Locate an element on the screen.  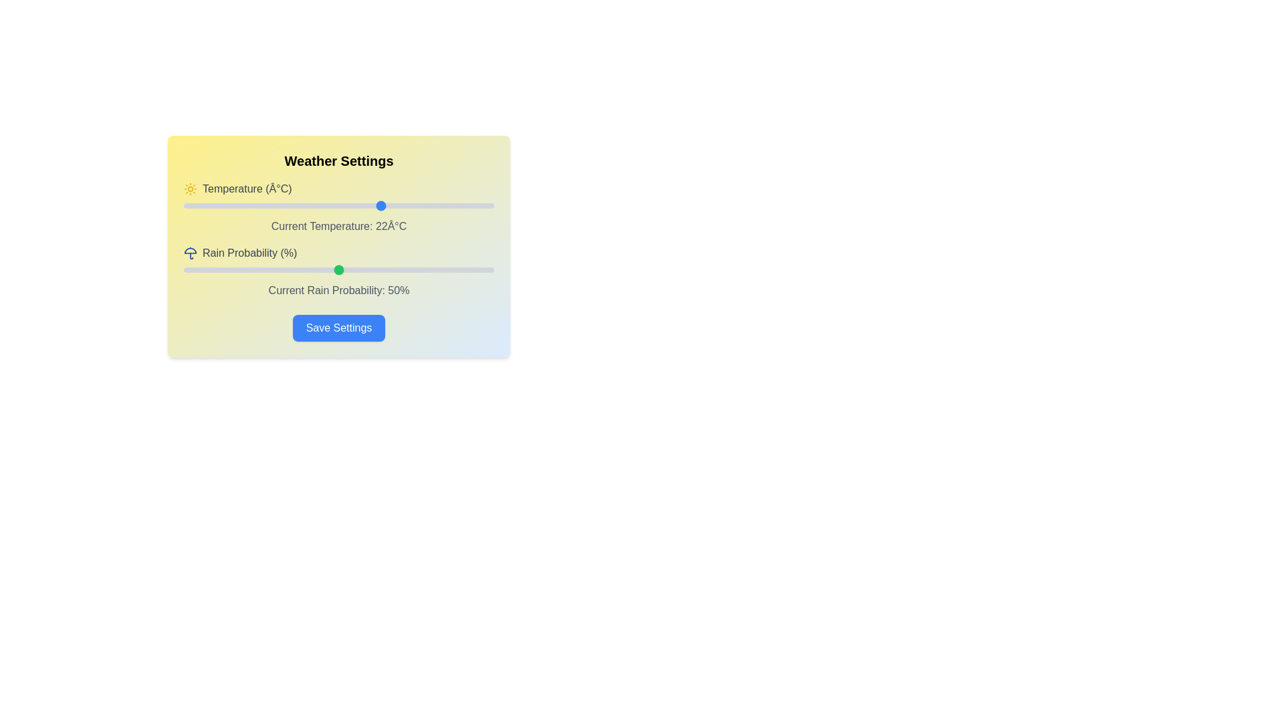
the temperature slider to -1 degrees Celsius is located at coordinates (239, 206).